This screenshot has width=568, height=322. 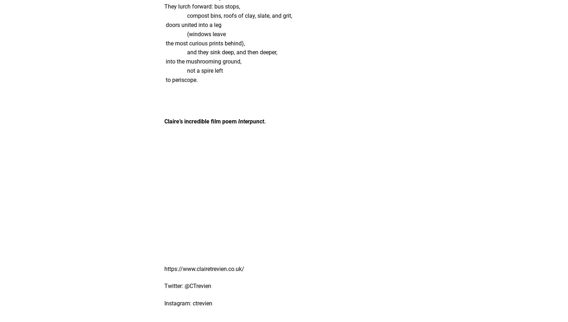 What do you see at coordinates (187, 286) in the screenshot?
I see `'Twitter: @CTrevien'` at bounding box center [187, 286].